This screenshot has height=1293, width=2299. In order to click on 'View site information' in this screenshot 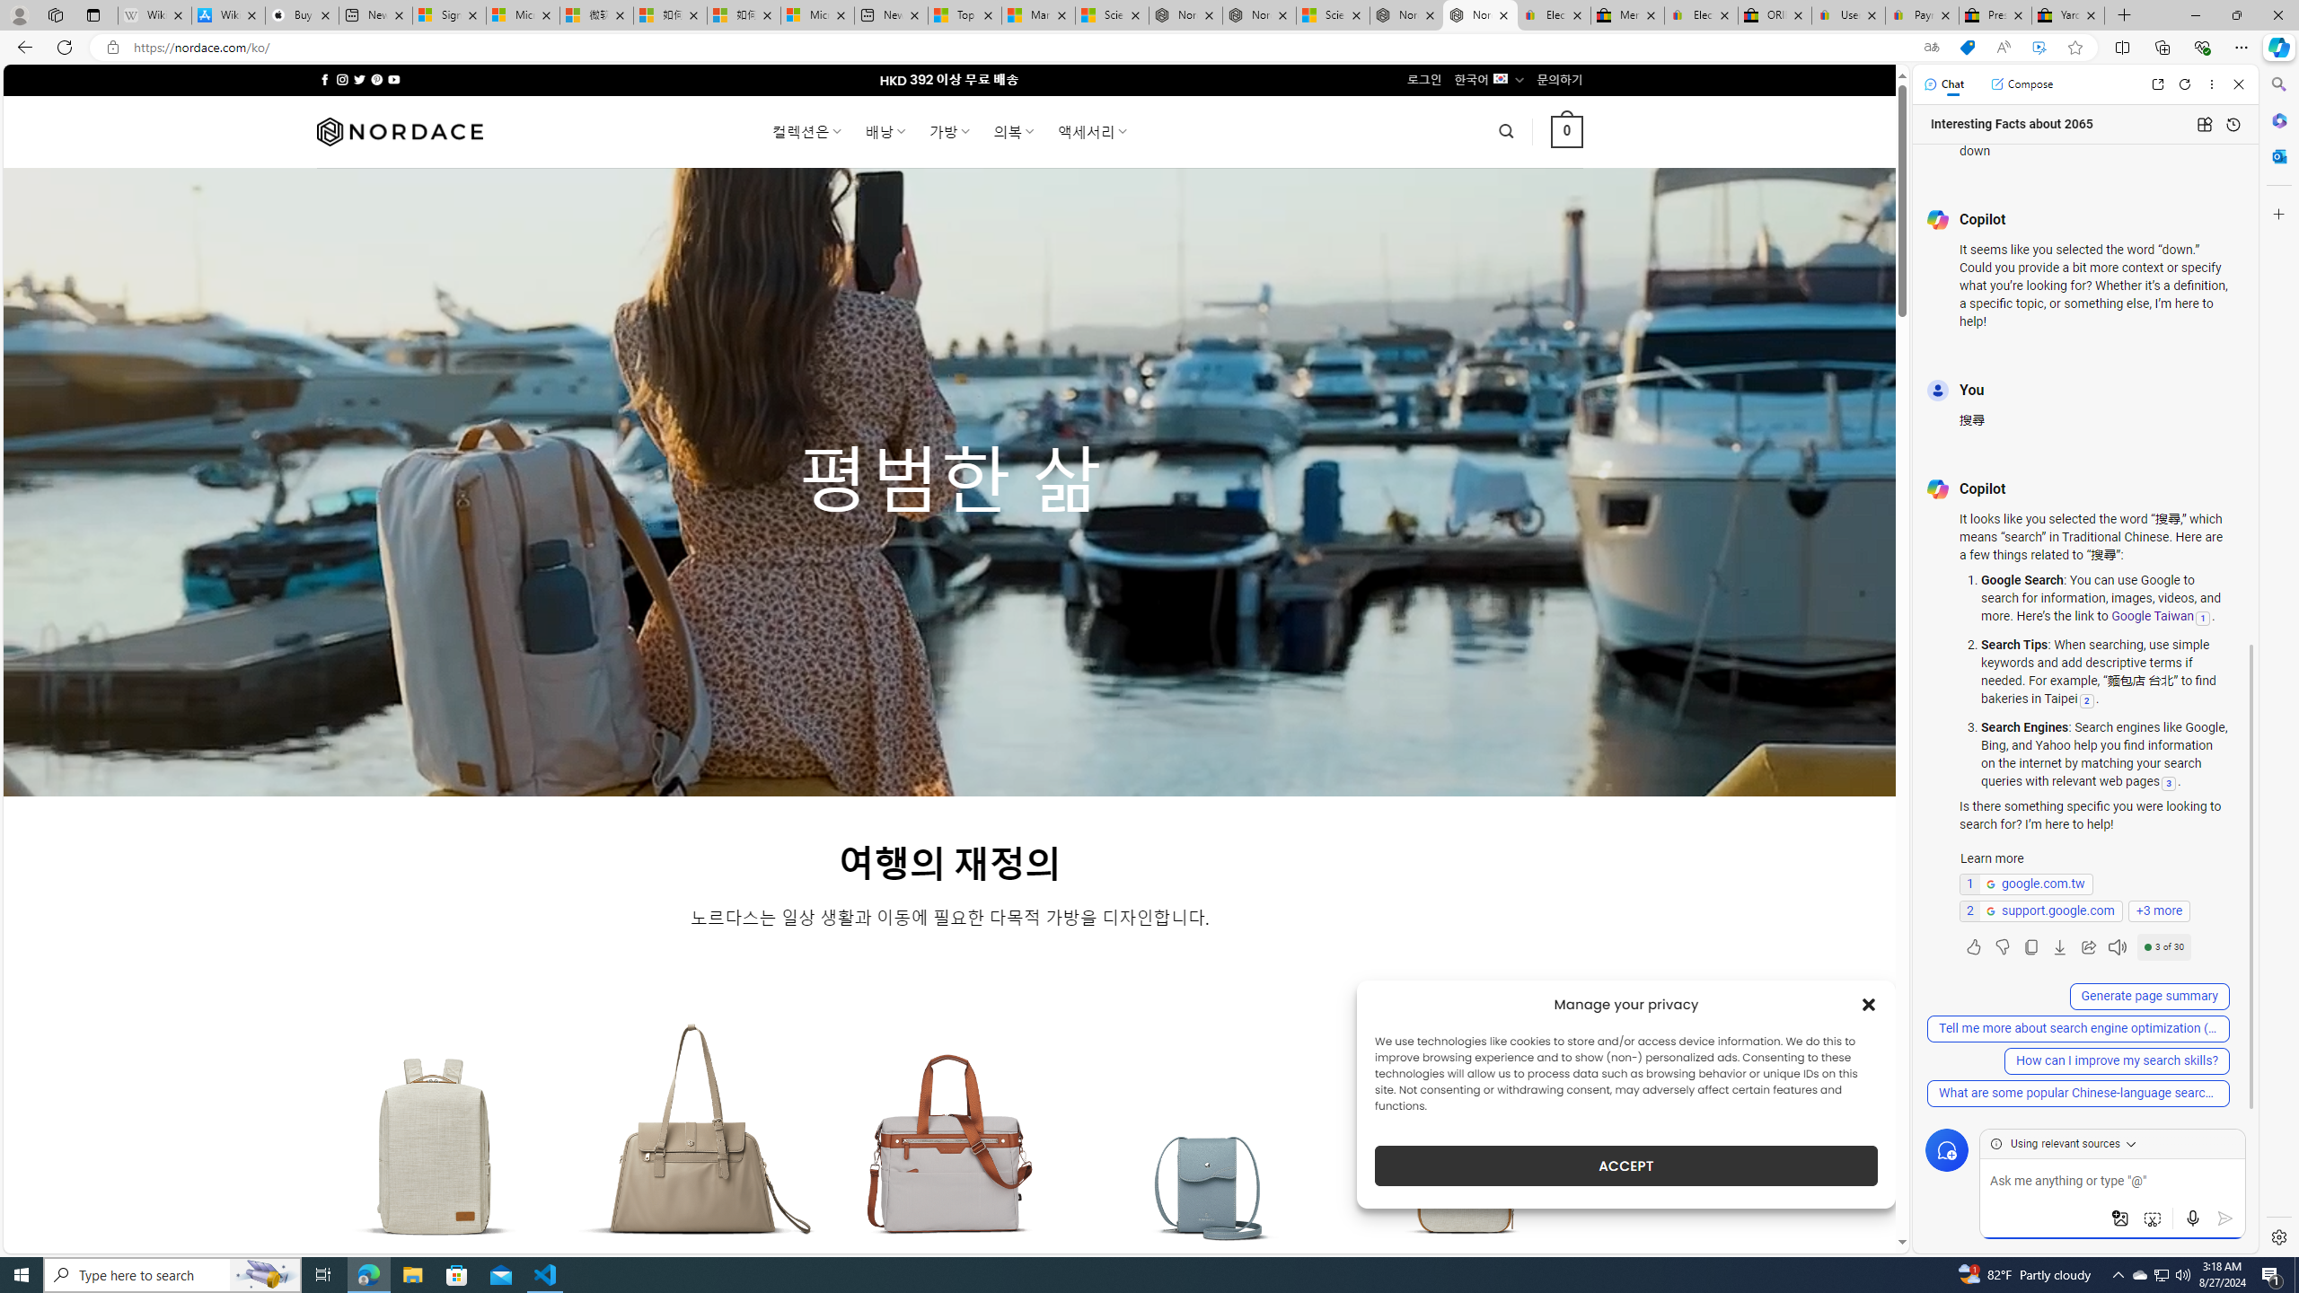, I will do `click(112, 48)`.